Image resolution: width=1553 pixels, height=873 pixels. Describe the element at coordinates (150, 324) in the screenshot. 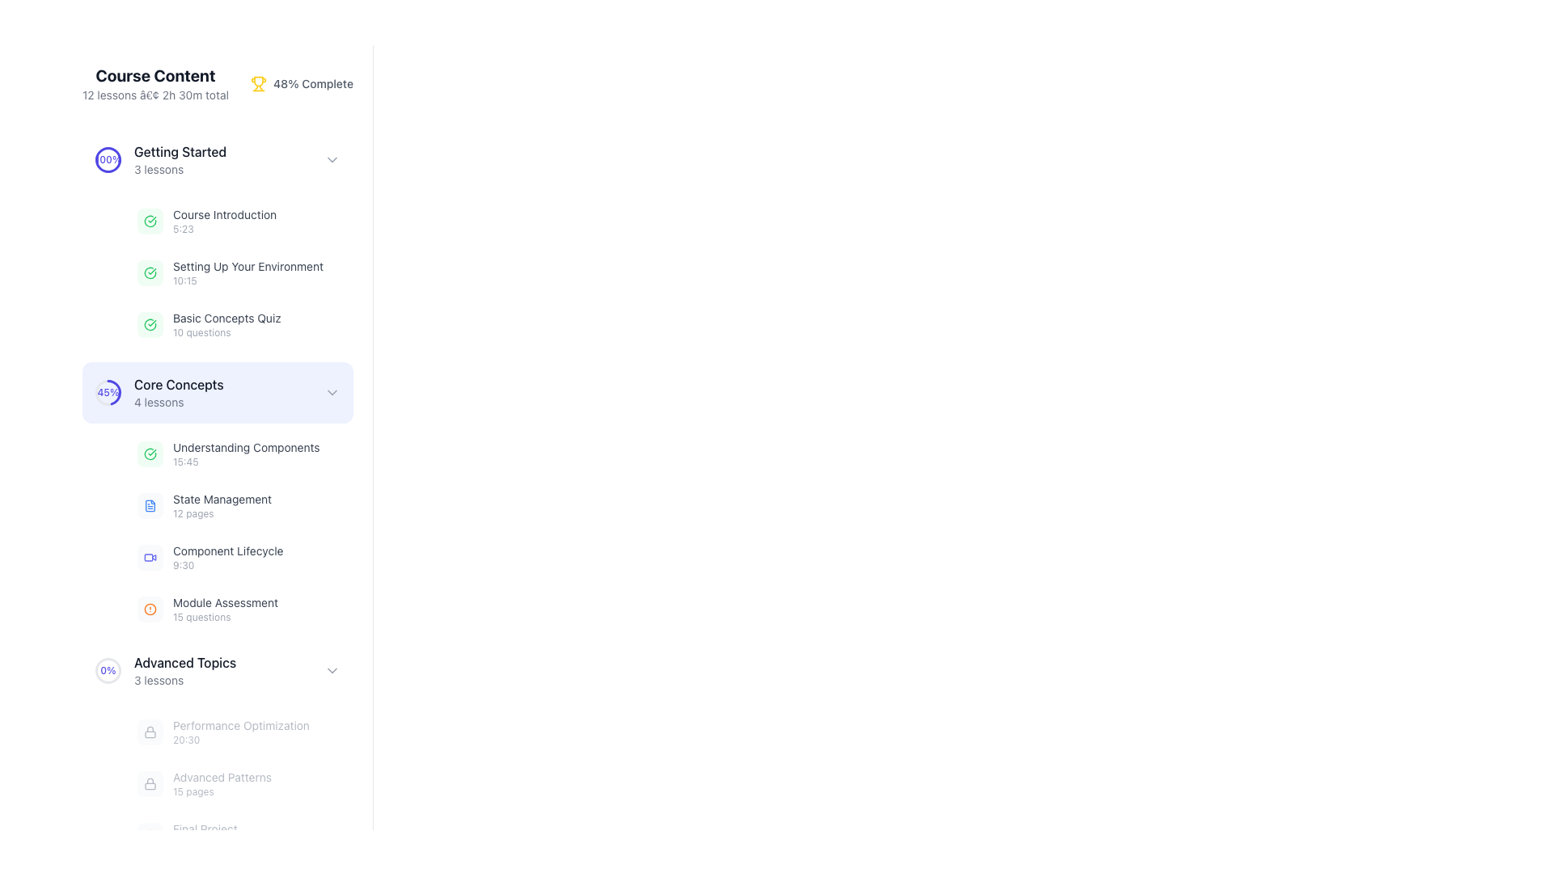

I see `the small circular icon with a light green background and a checkmark symbol located to the left of the 'Basic Concepts Quiz' label in the 'Getting Started' section of the course content sidebar` at that location.